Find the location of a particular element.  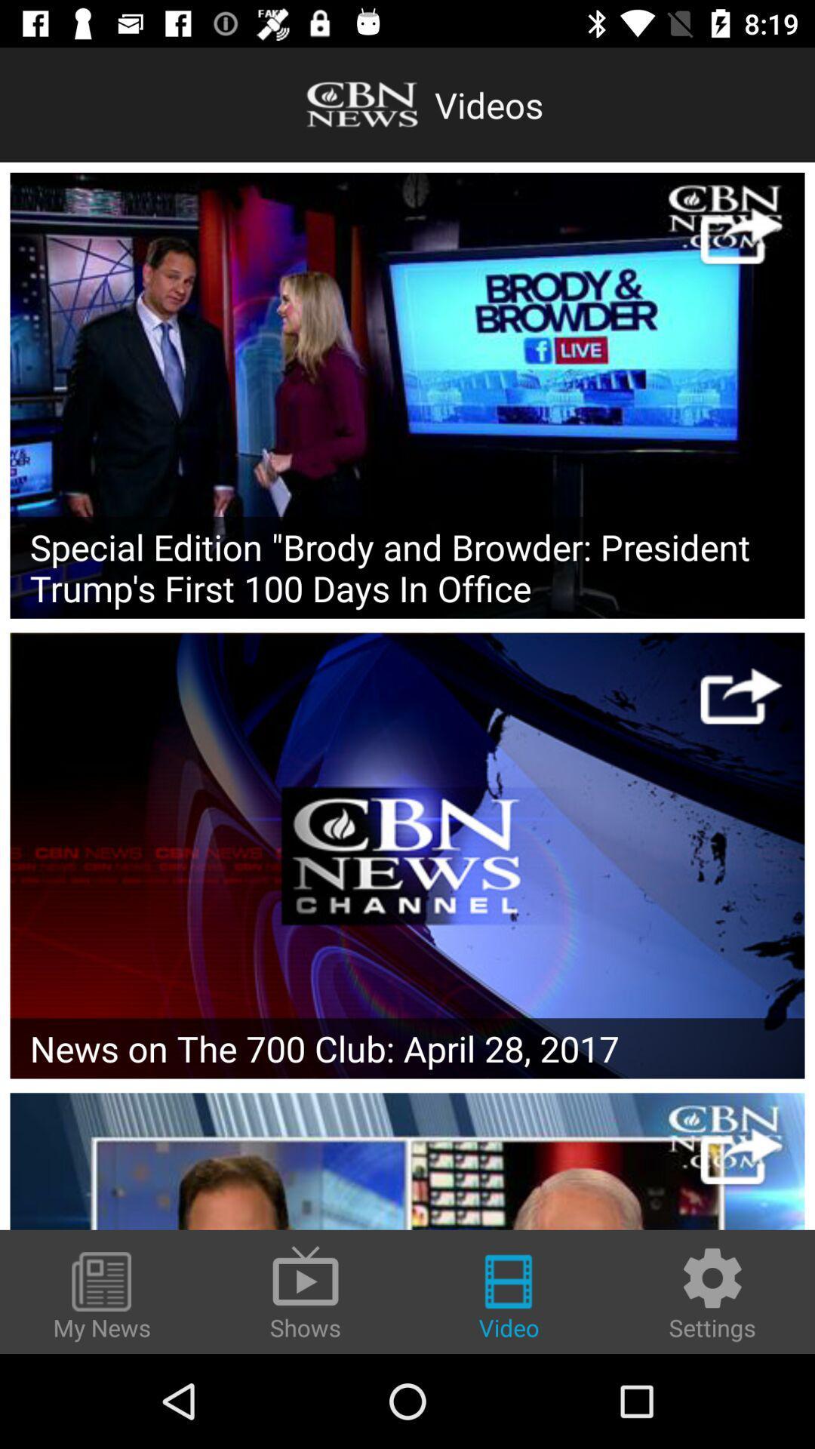

icon to the left of the shows is located at coordinates (102, 1297).